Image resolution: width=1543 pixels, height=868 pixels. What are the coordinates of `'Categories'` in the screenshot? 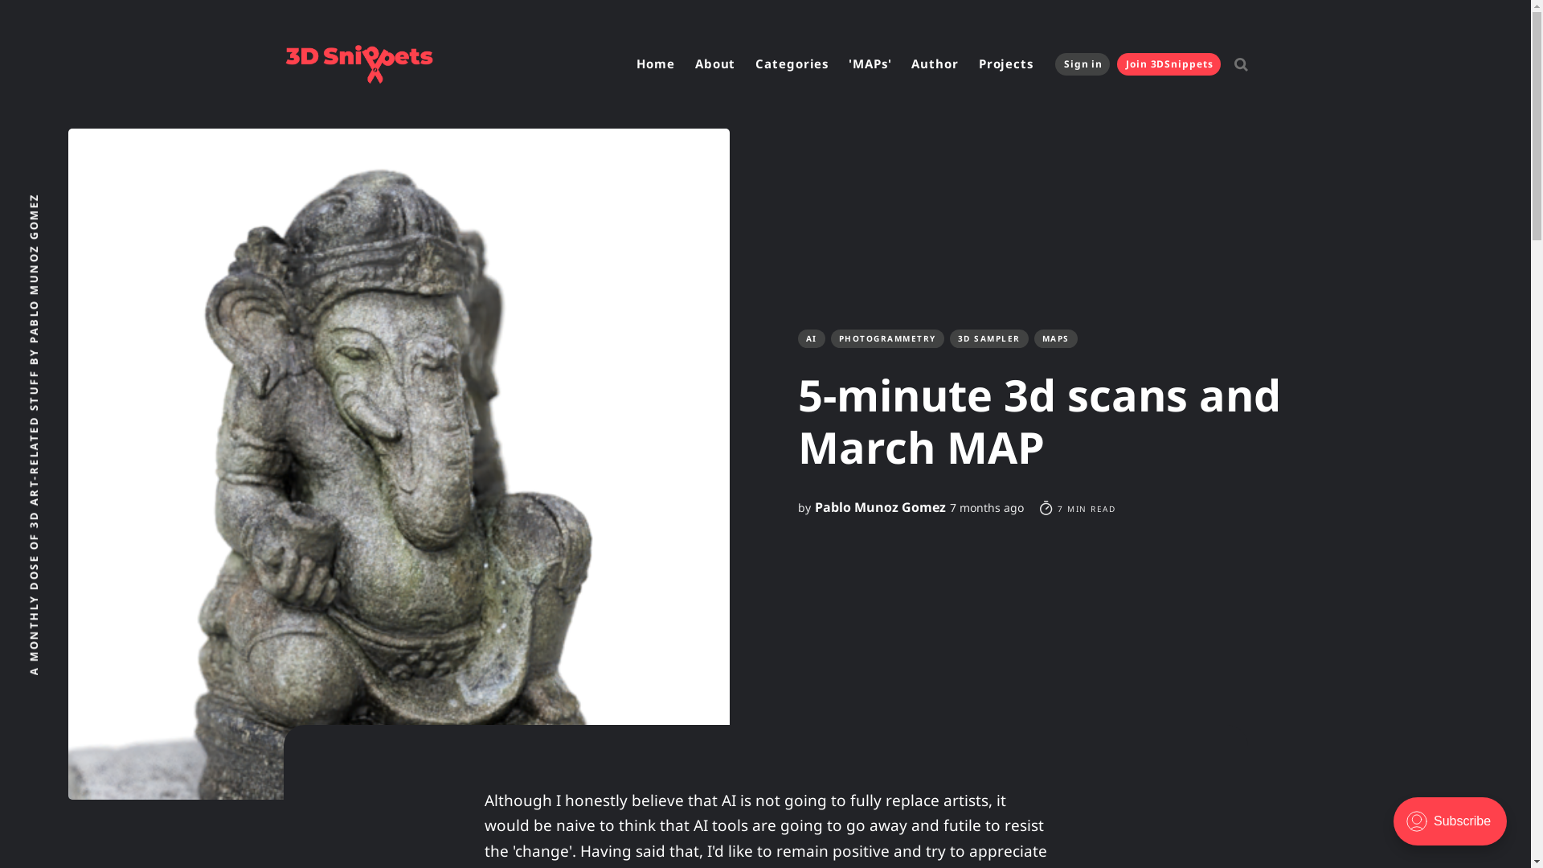 It's located at (792, 63).